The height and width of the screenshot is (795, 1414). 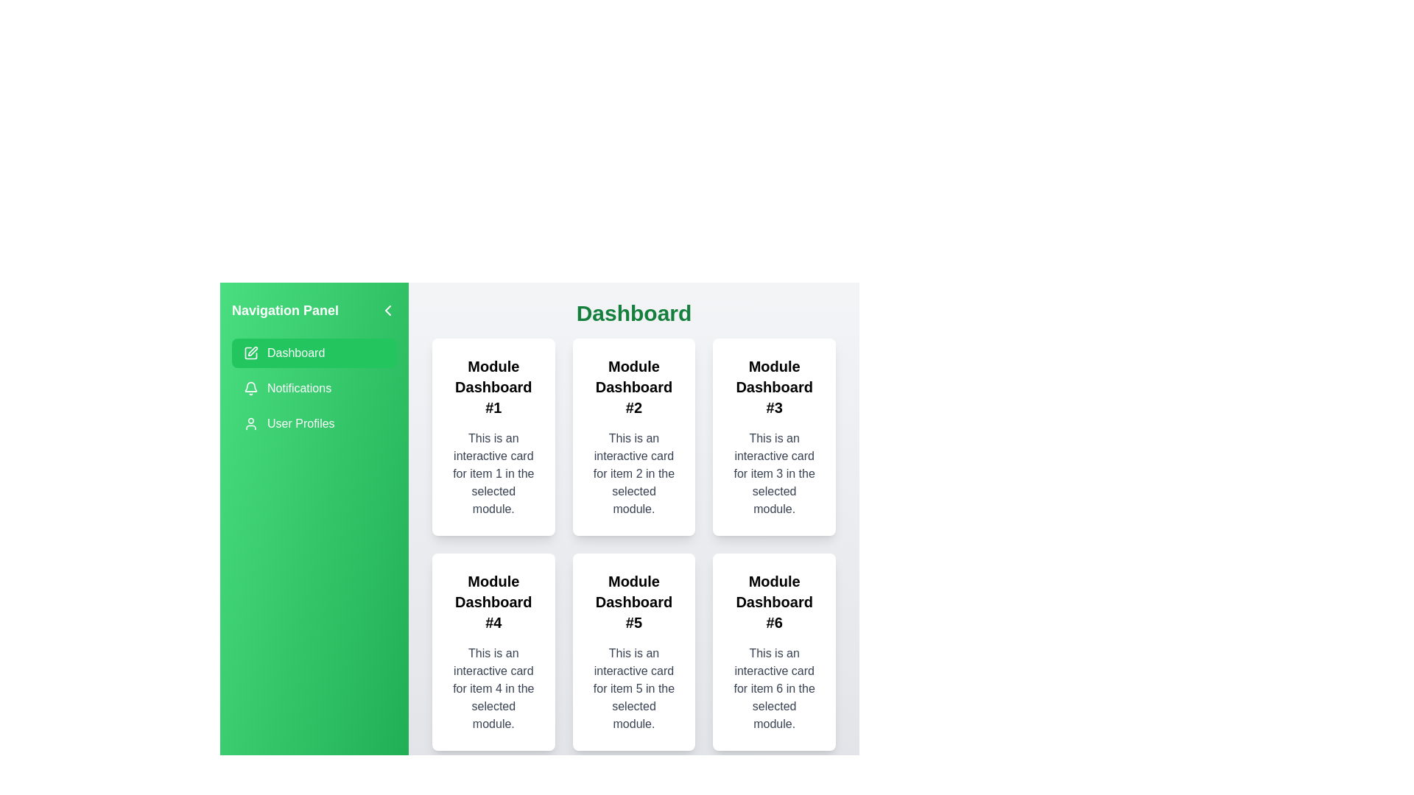 What do you see at coordinates (314, 388) in the screenshot?
I see `the module Notifications from the navigation panel` at bounding box center [314, 388].